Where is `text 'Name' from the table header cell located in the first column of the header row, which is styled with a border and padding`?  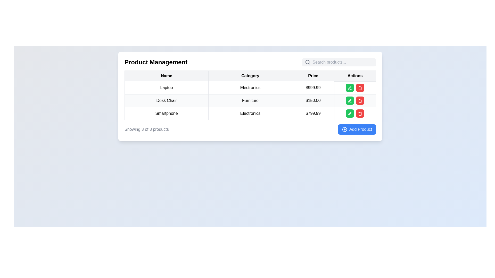 text 'Name' from the table header cell located in the first column of the header row, which is styled with a border and padding is located at coordinates (167, 76).